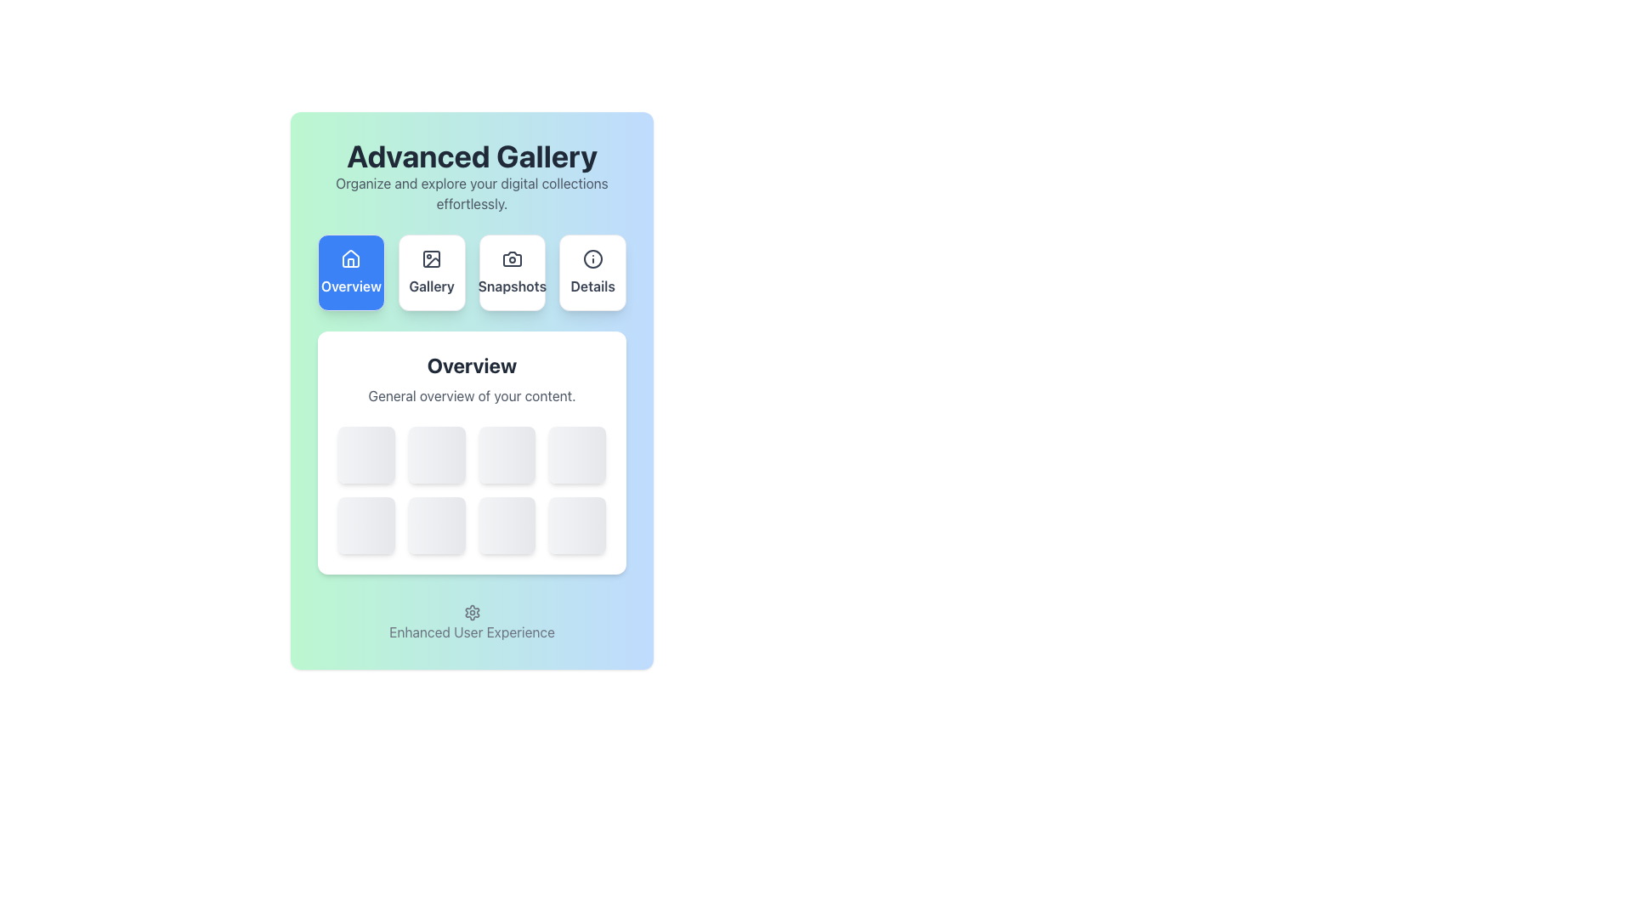  Describe the element at coordinates (472, 396) in the screenshot. I see `text content from the Text block that says 'General overview of your content.' which is located beneath the 'Overview' header in a rounded white card` at that location.